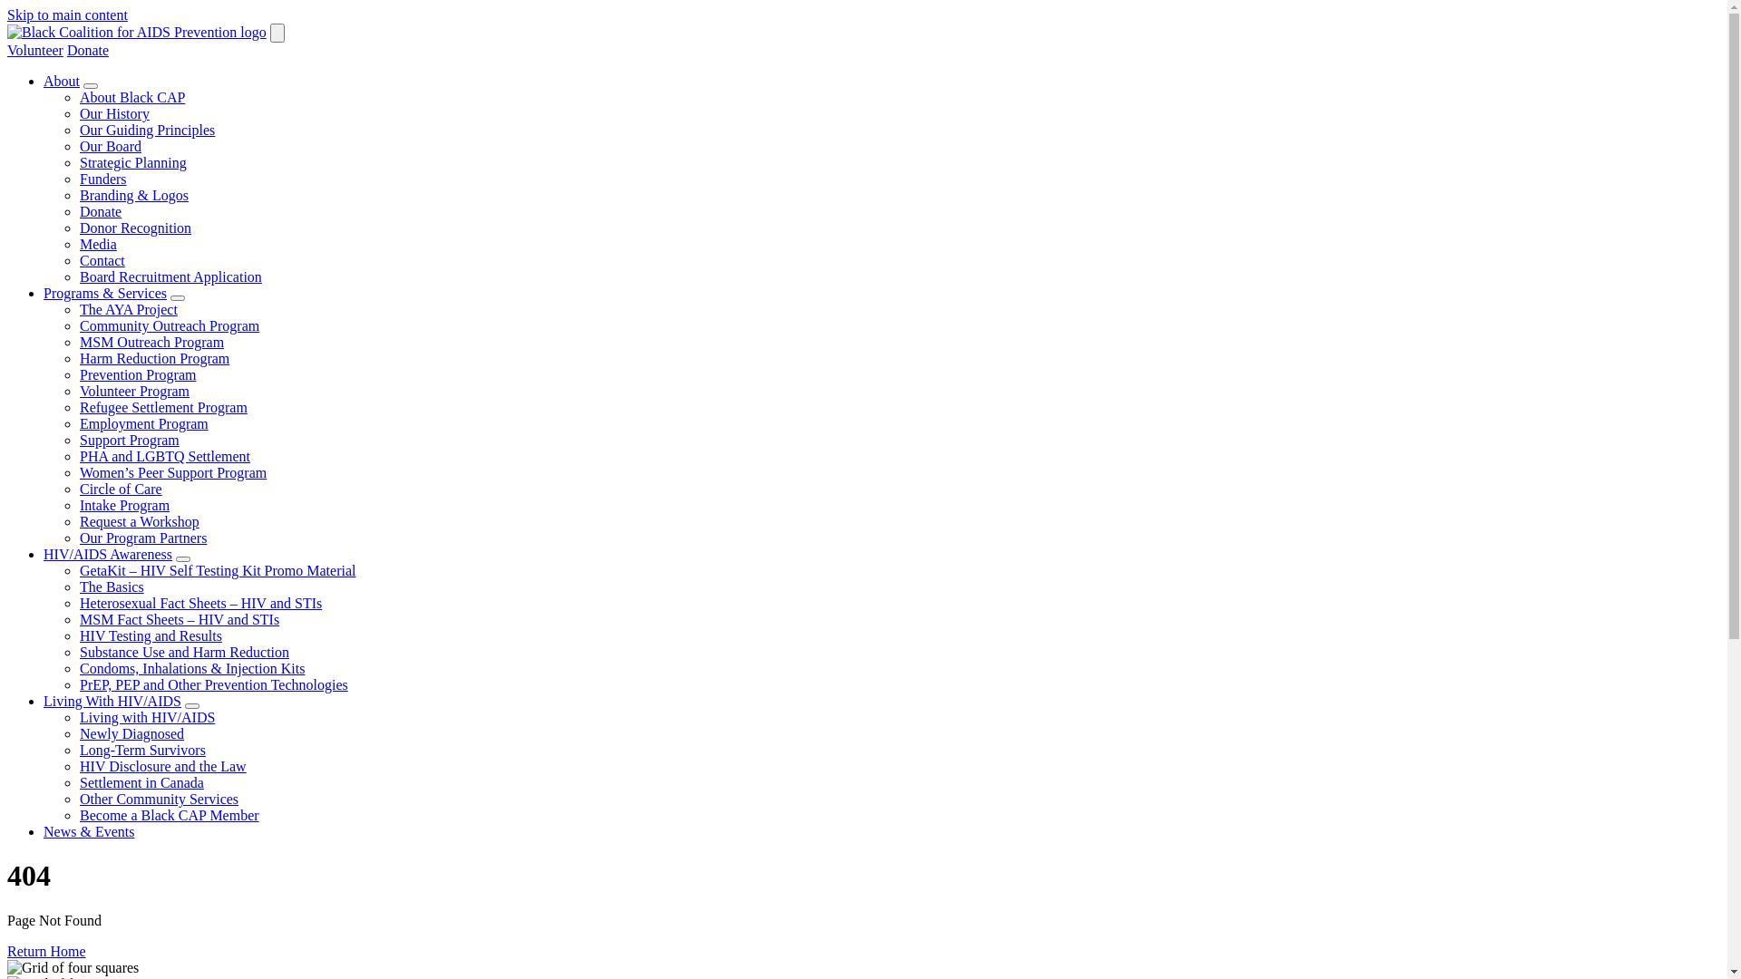 The image size is (1741, 979). What do you see at coordinates (128, 308) in the screenshot?
I see `'The AYA Project'` at bounding box center [128, 308].